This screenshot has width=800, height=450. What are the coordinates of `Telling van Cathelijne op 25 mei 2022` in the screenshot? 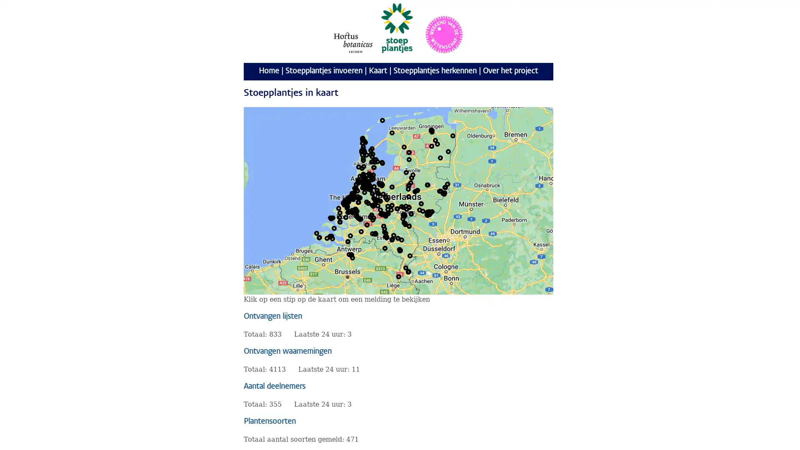 It's located at (374, 233).